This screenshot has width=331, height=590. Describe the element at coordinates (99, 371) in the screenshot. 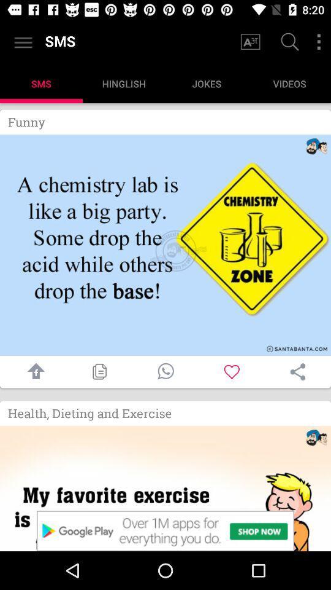

I see `copy displayed content` at that location.